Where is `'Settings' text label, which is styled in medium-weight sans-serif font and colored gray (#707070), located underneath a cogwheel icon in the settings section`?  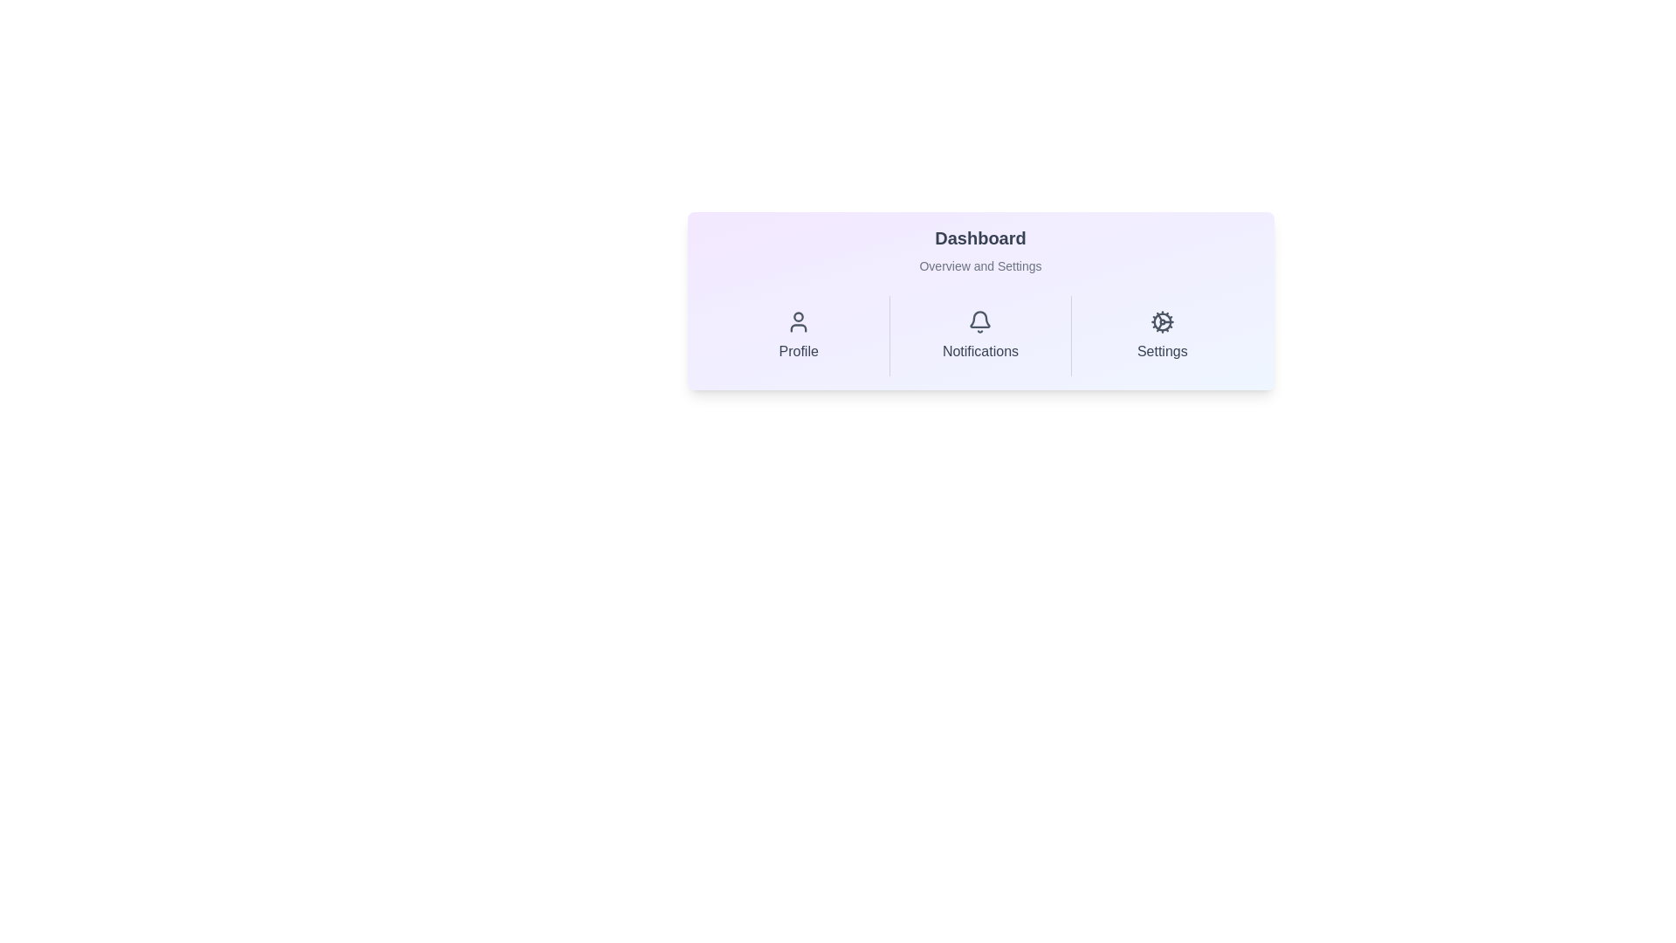
'Settings' text label, which is styled in medium-weight sans-serif font and colored gray (#707070), located underneath a cogwheel icon in the settings section is located at coordinates (1162, 351).